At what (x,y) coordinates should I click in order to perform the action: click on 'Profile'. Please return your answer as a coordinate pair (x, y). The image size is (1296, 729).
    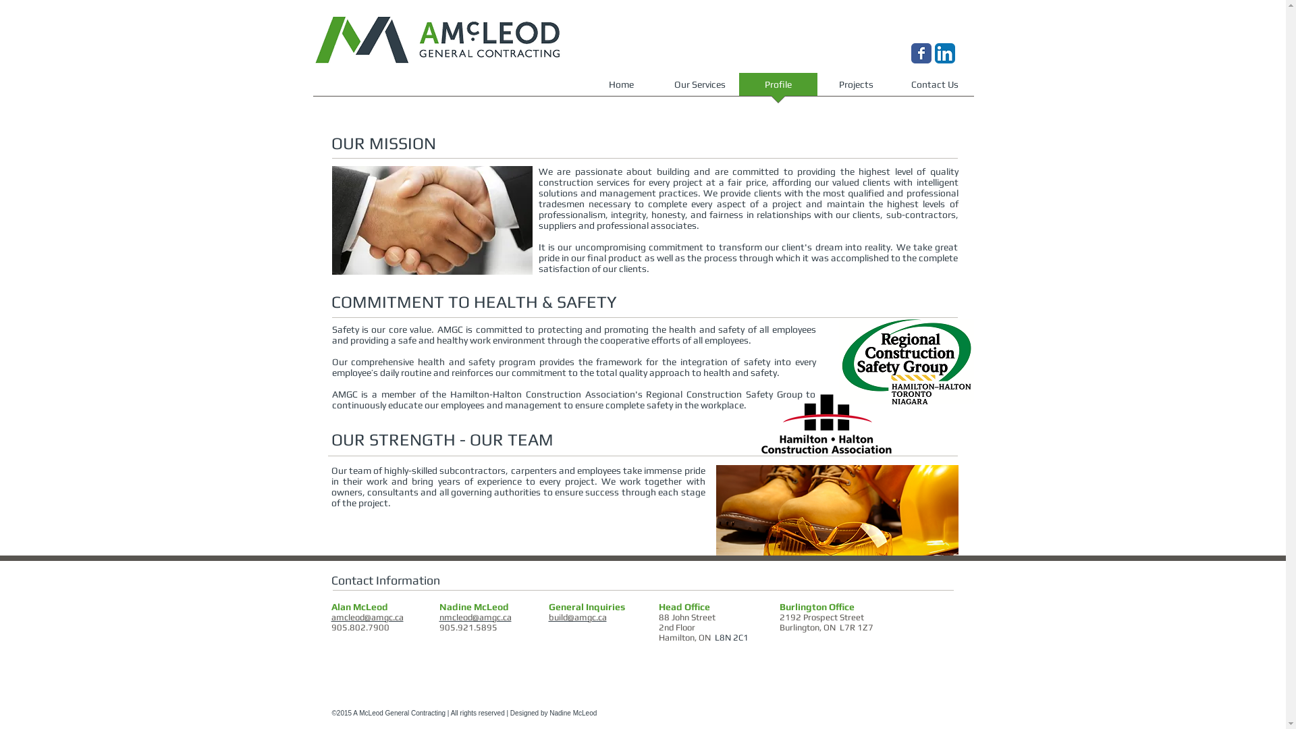
    Looking at the image, I should click on (778, 88).